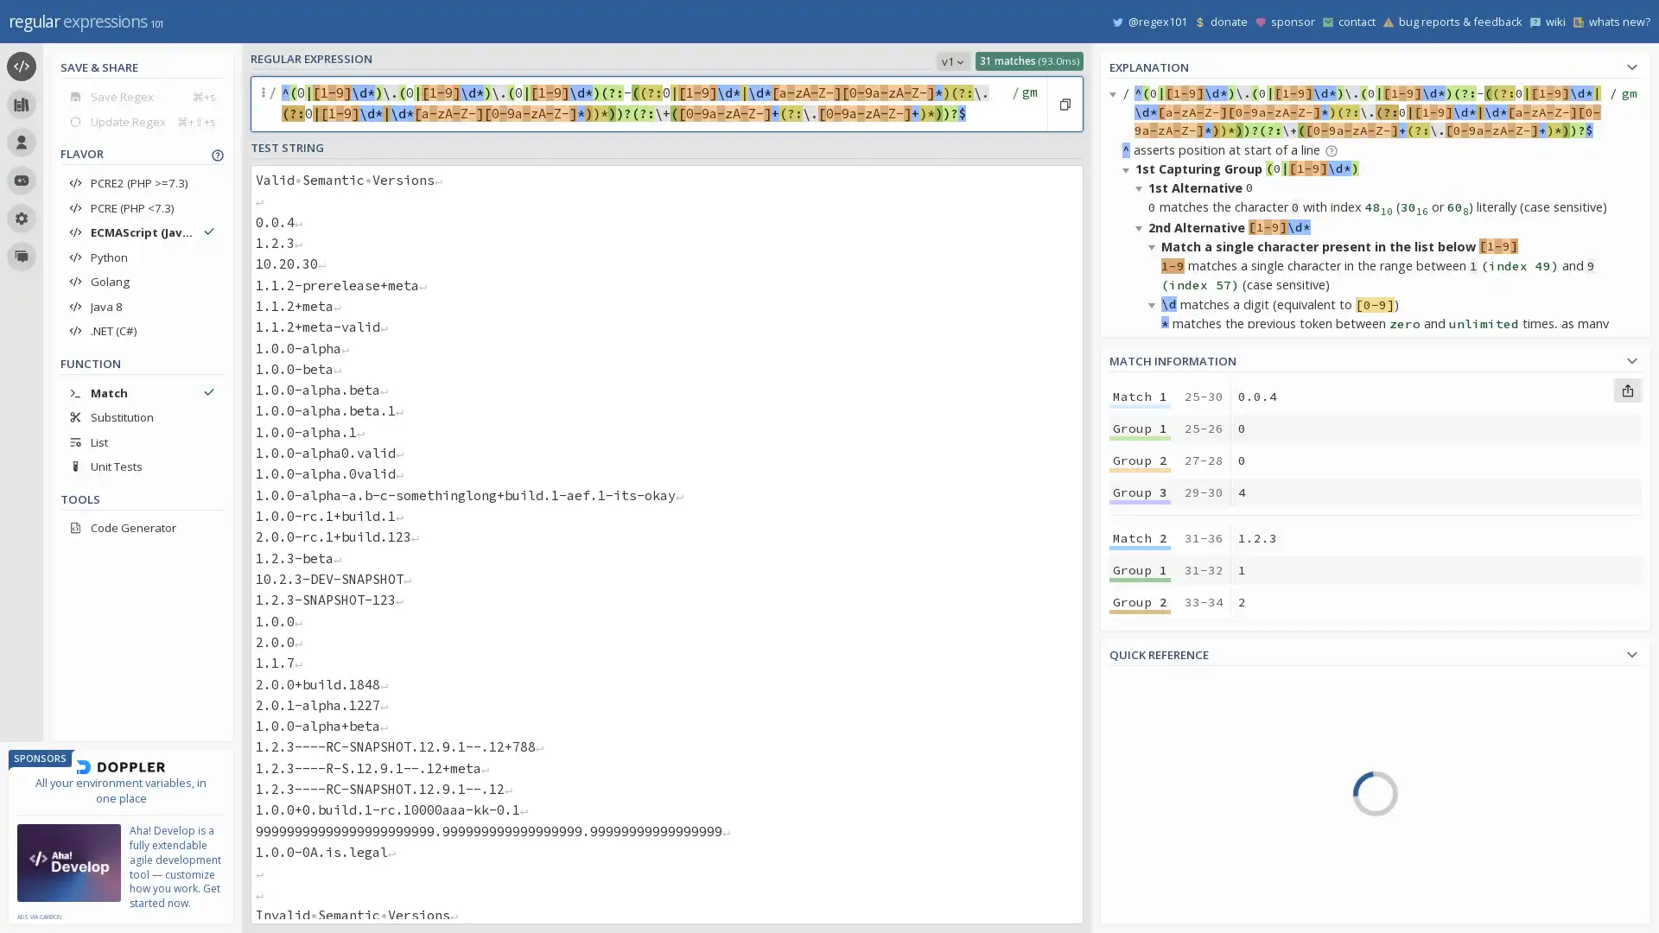  What do you see at coordinates (142, 281) in the screenshot?
I see `Golang` at bounding box center [142, 281].